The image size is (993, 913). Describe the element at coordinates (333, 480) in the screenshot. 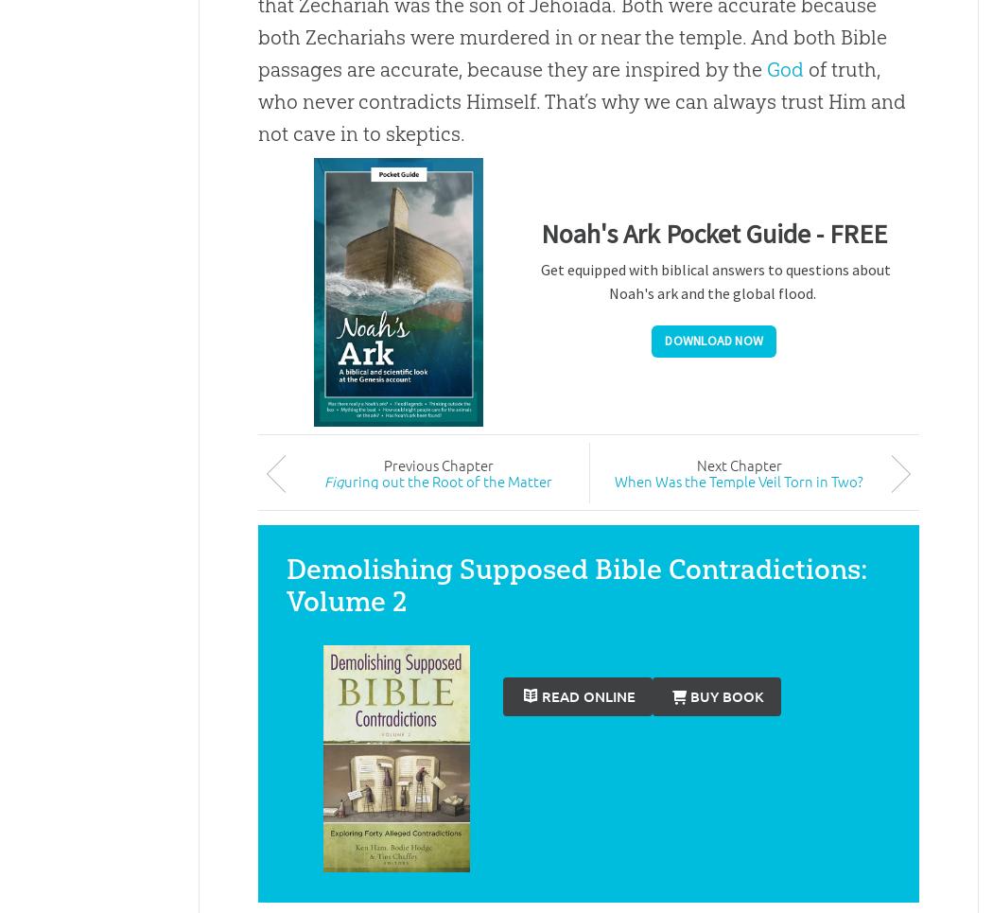

I see `'Fig'` at that location.